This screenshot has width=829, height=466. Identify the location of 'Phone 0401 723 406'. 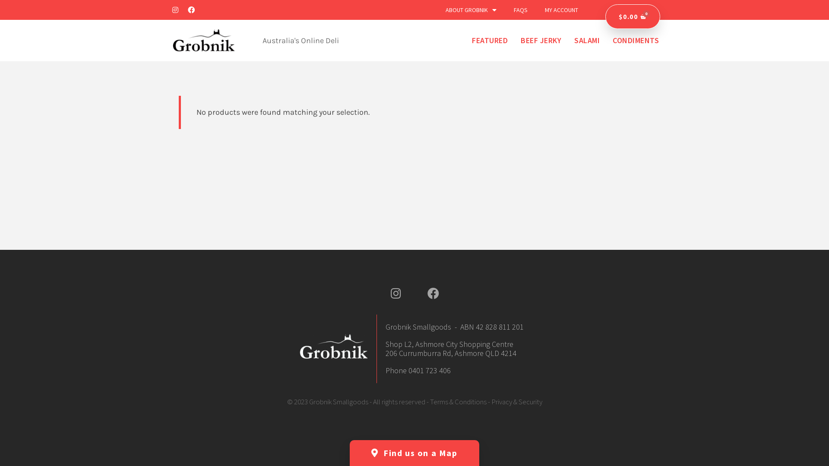
(418, 370).